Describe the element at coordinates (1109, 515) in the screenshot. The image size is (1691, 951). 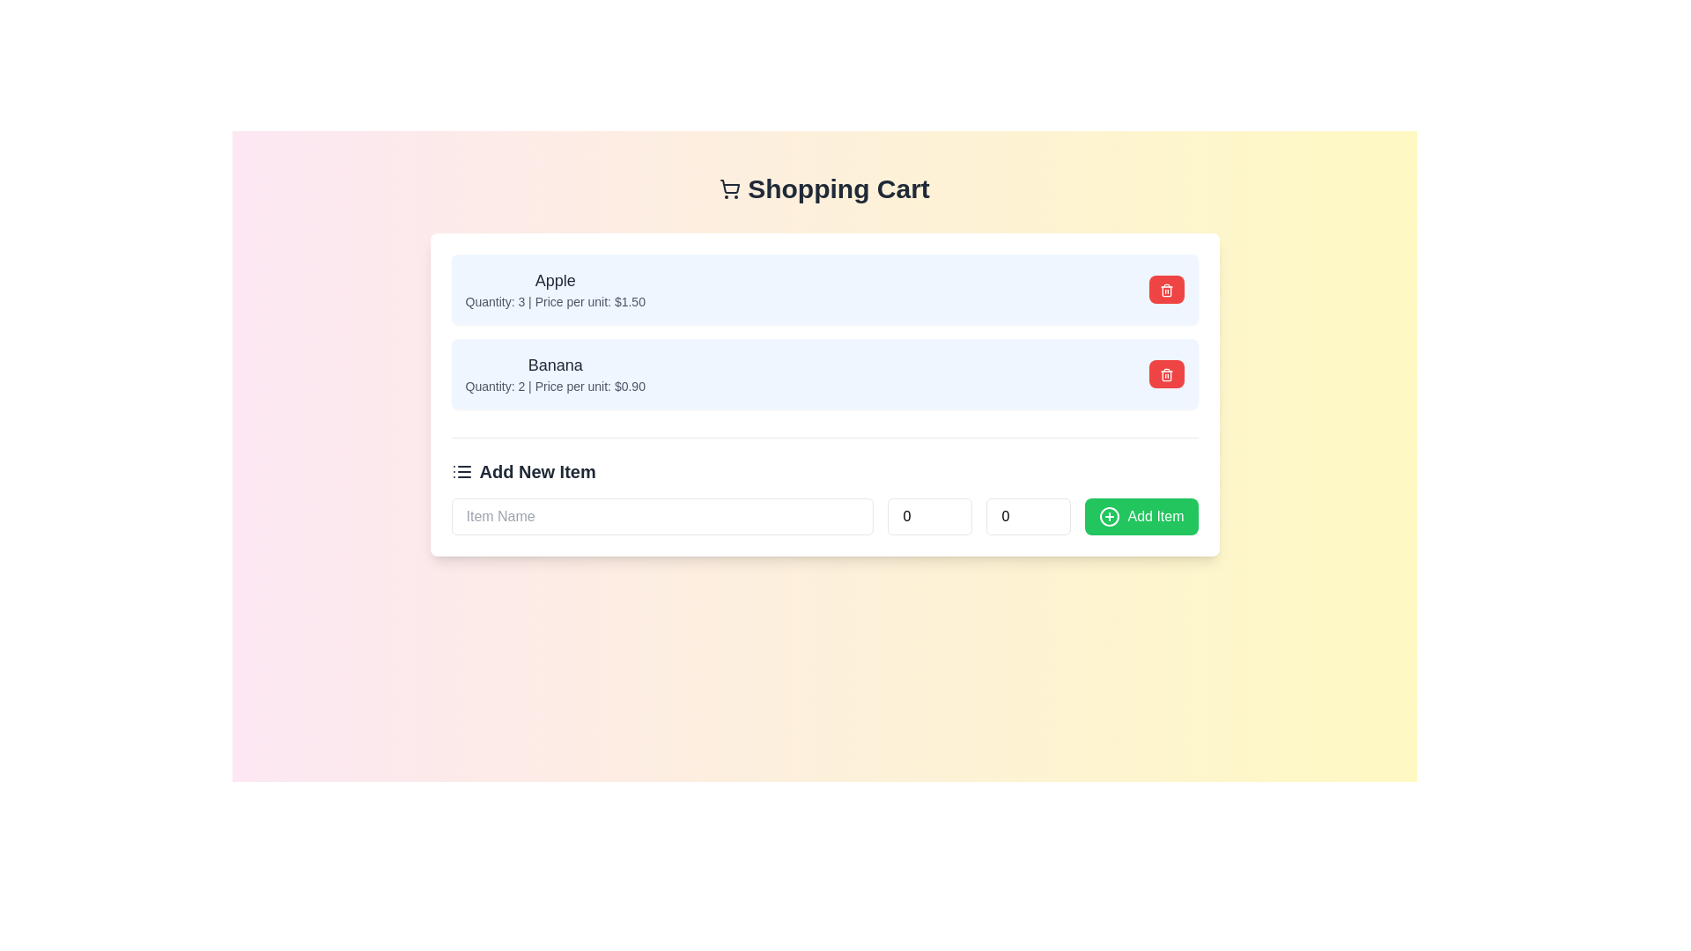
I see `the circular icon with a green background and white plus sign, located at the left of the 'Add Item' button in the bottom-right region of the shopping cart interface under 'Add New Item'` at that location.